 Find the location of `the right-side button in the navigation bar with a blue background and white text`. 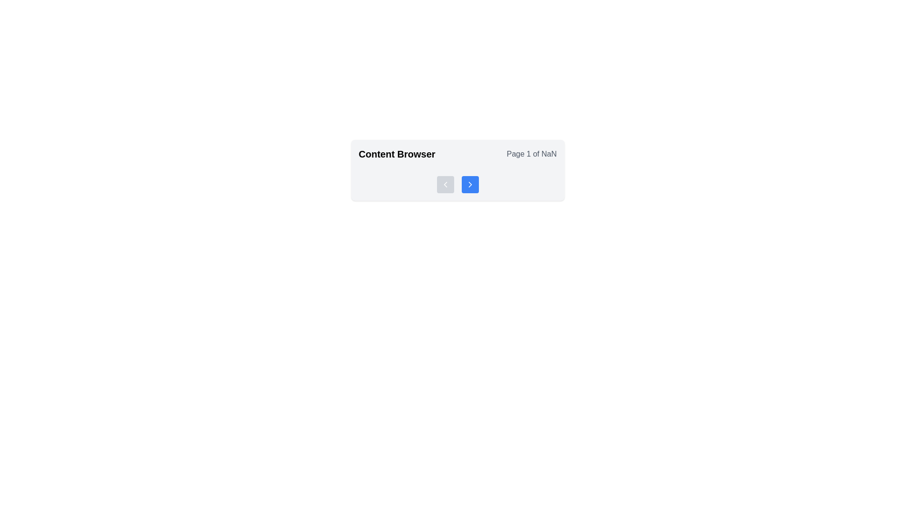

the right-side button in the navigation bar with a blue background and white text is located at coordinates (470, 185).